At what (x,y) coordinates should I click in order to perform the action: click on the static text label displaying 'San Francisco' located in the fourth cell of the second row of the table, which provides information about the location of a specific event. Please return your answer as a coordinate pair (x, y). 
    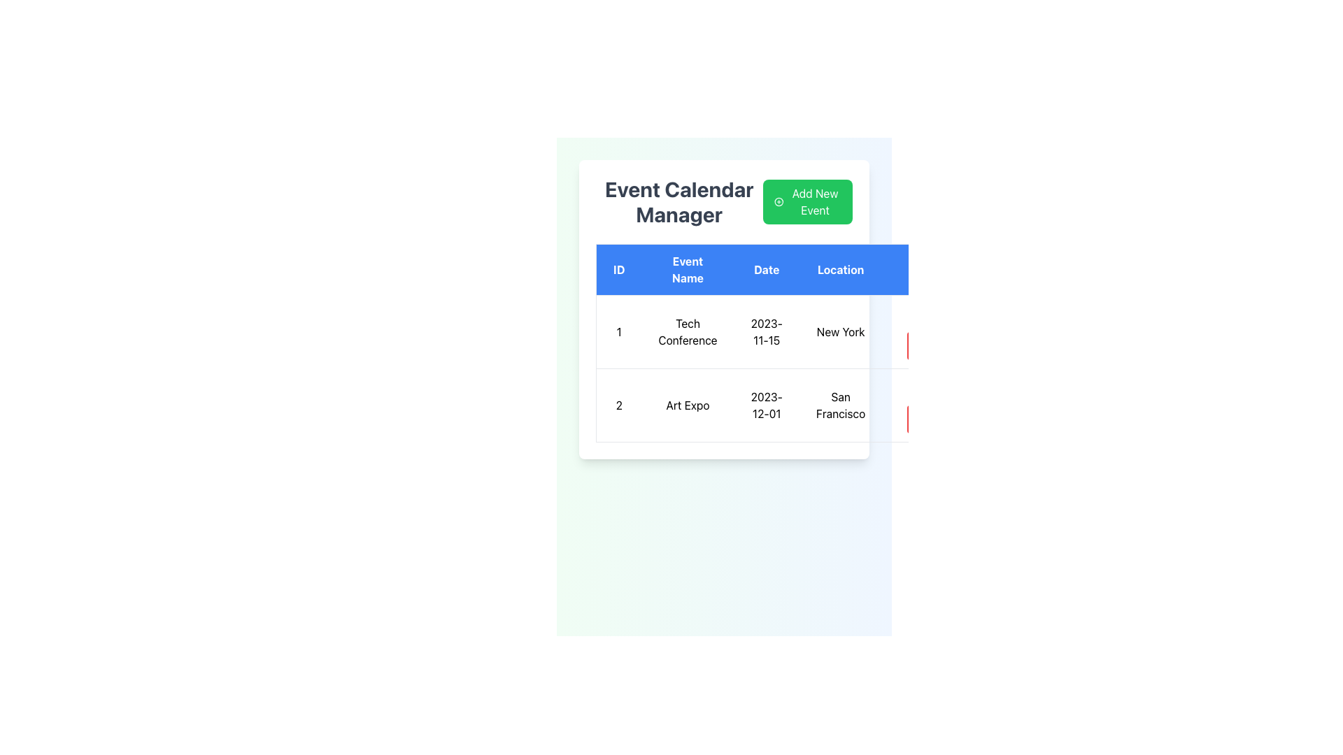
    Looking at the image, I should click on (840, 405).